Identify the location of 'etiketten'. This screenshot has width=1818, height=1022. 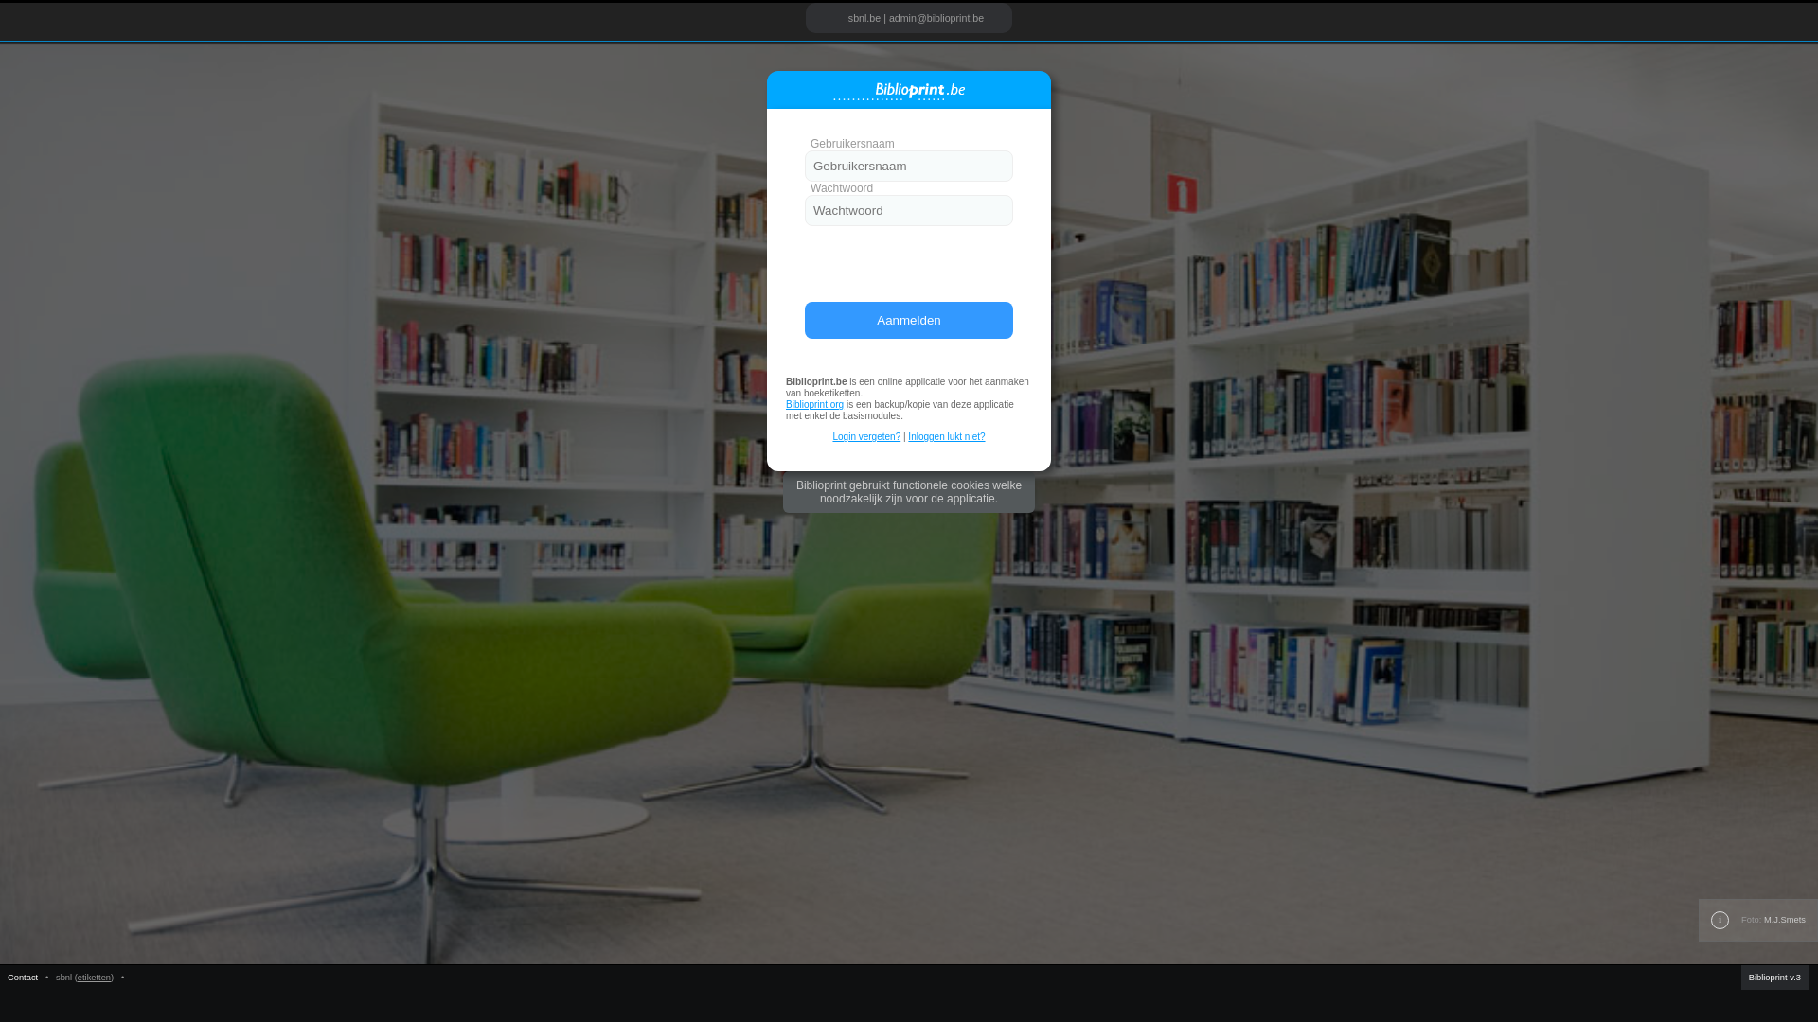
(93, 978).